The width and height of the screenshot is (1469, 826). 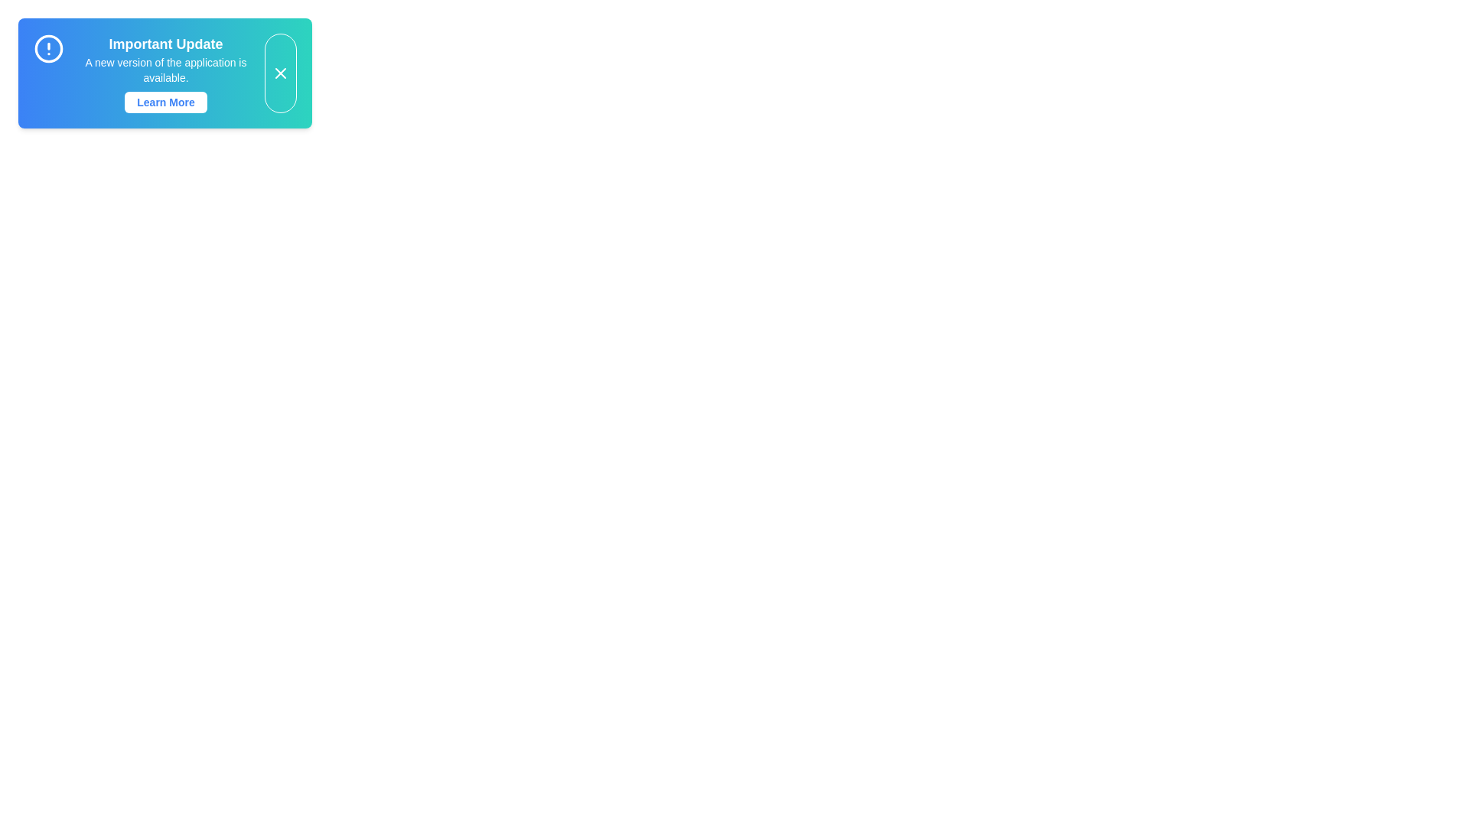 I want to click on the 'Learn More' button, so click(x=165, y=102).